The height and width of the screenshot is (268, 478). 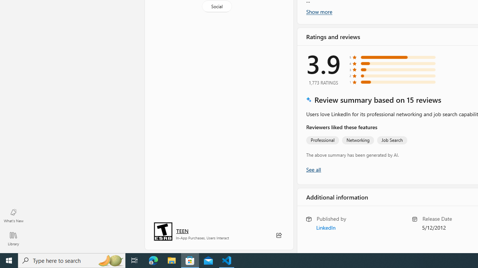 I want to click on 'What', so click(x=13, y=215).